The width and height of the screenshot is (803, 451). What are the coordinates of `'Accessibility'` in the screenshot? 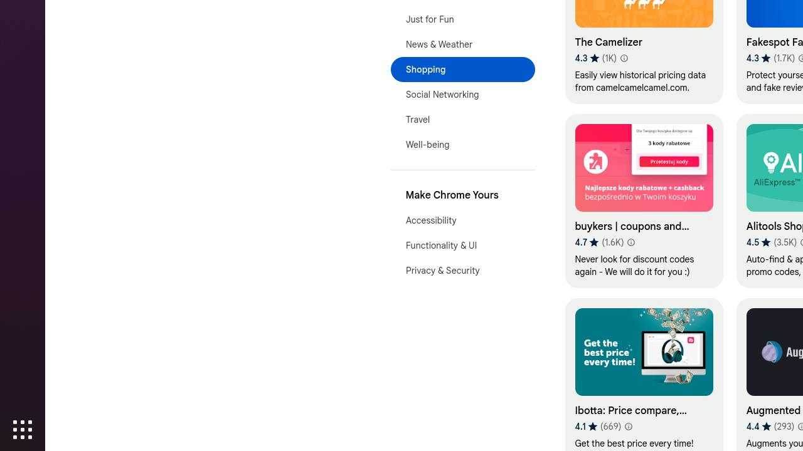 It's located at (462, 220).